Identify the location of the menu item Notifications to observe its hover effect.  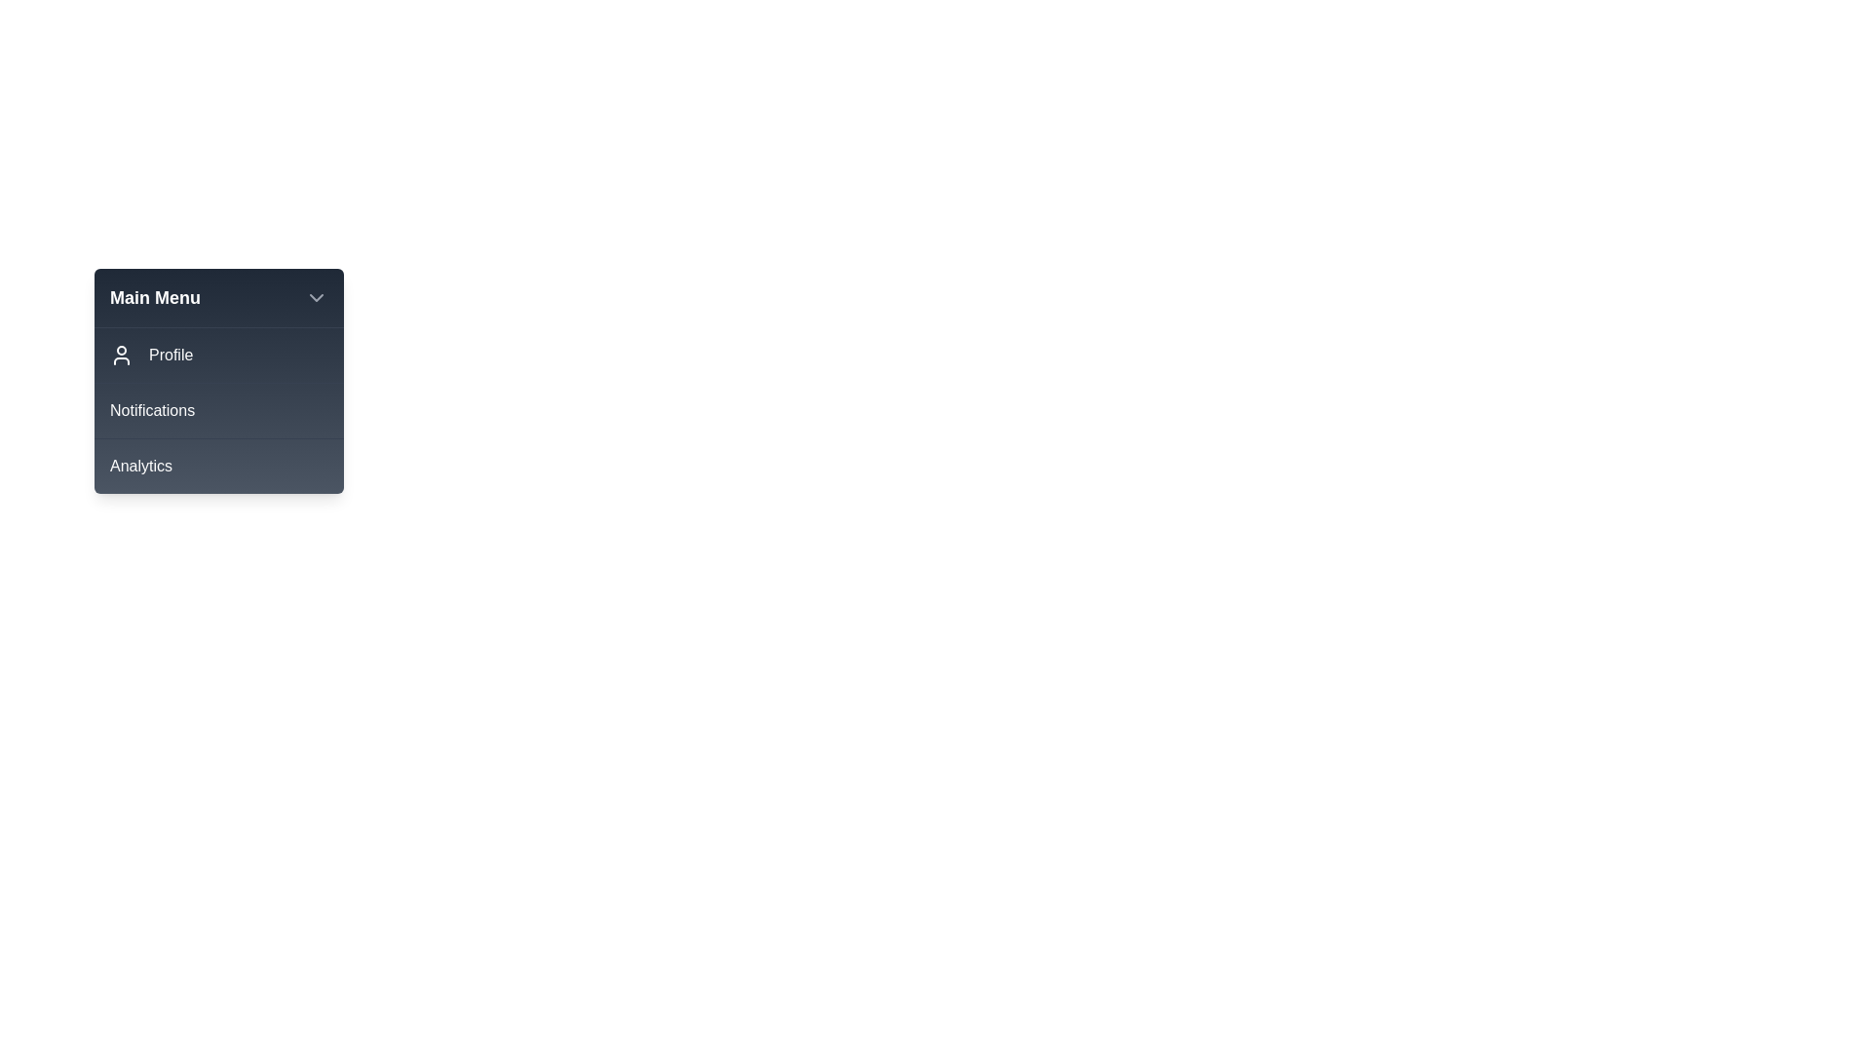
(219, 409).